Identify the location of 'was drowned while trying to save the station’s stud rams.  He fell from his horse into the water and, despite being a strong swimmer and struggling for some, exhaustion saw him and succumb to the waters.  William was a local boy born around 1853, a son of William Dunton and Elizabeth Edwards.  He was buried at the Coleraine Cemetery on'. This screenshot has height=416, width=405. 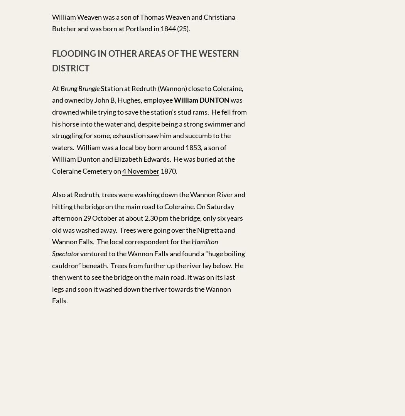
(149, 135).